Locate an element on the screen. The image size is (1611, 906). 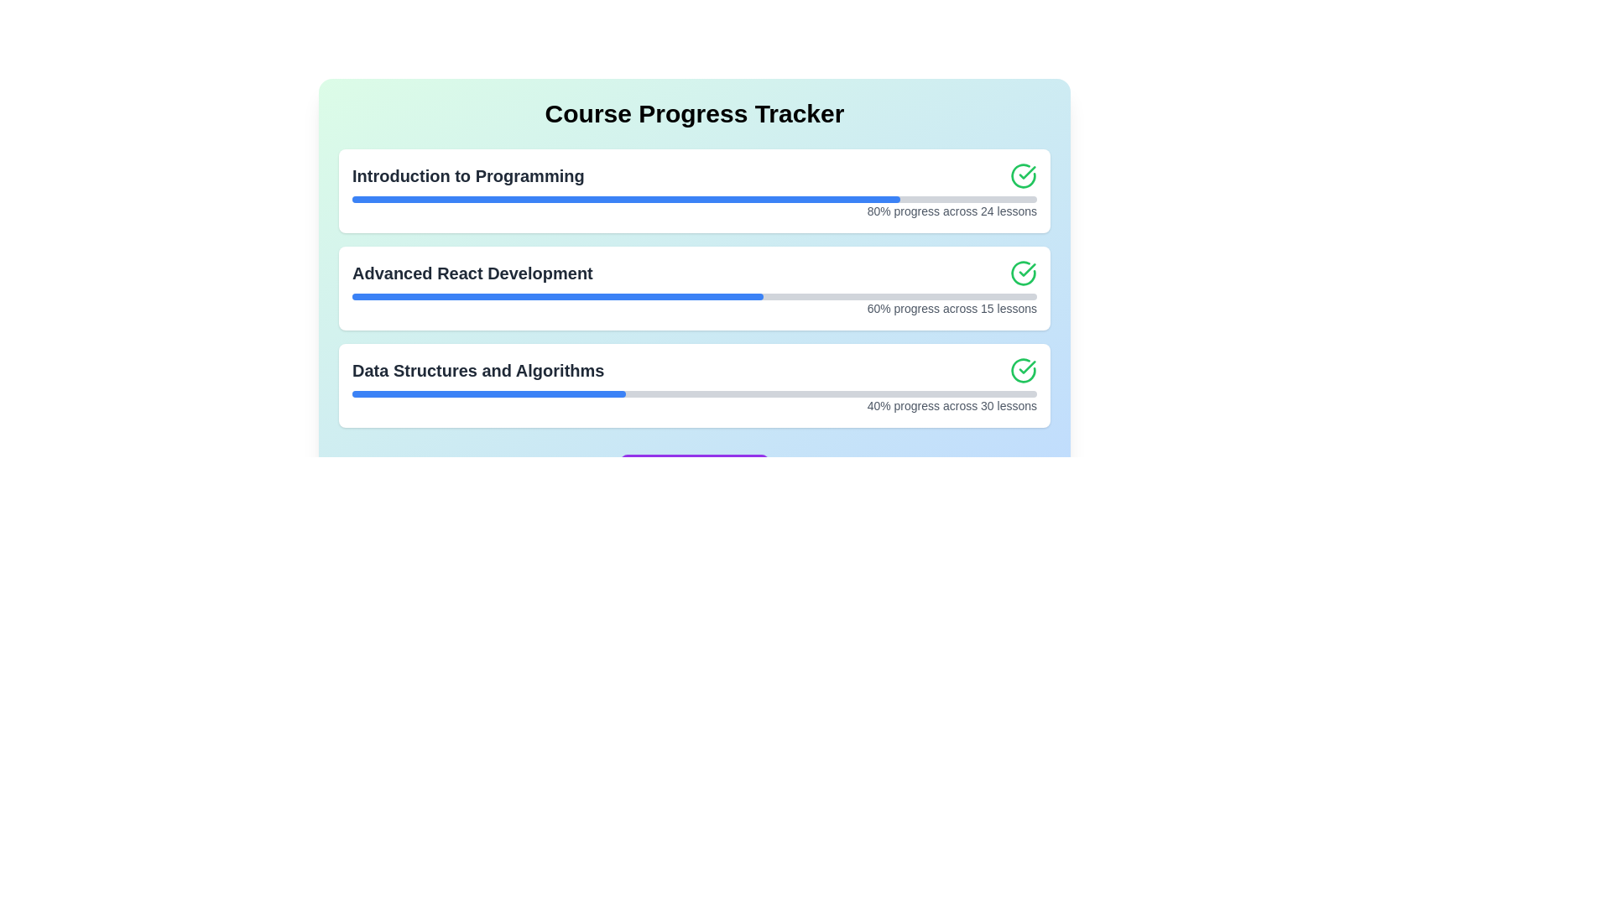
the green circular icon with a checkmark inside, indicating completion or success, located at the far-right of the 'Advanced React Development' course in the course progress tracker interface is located at coordinates (1022, 273).